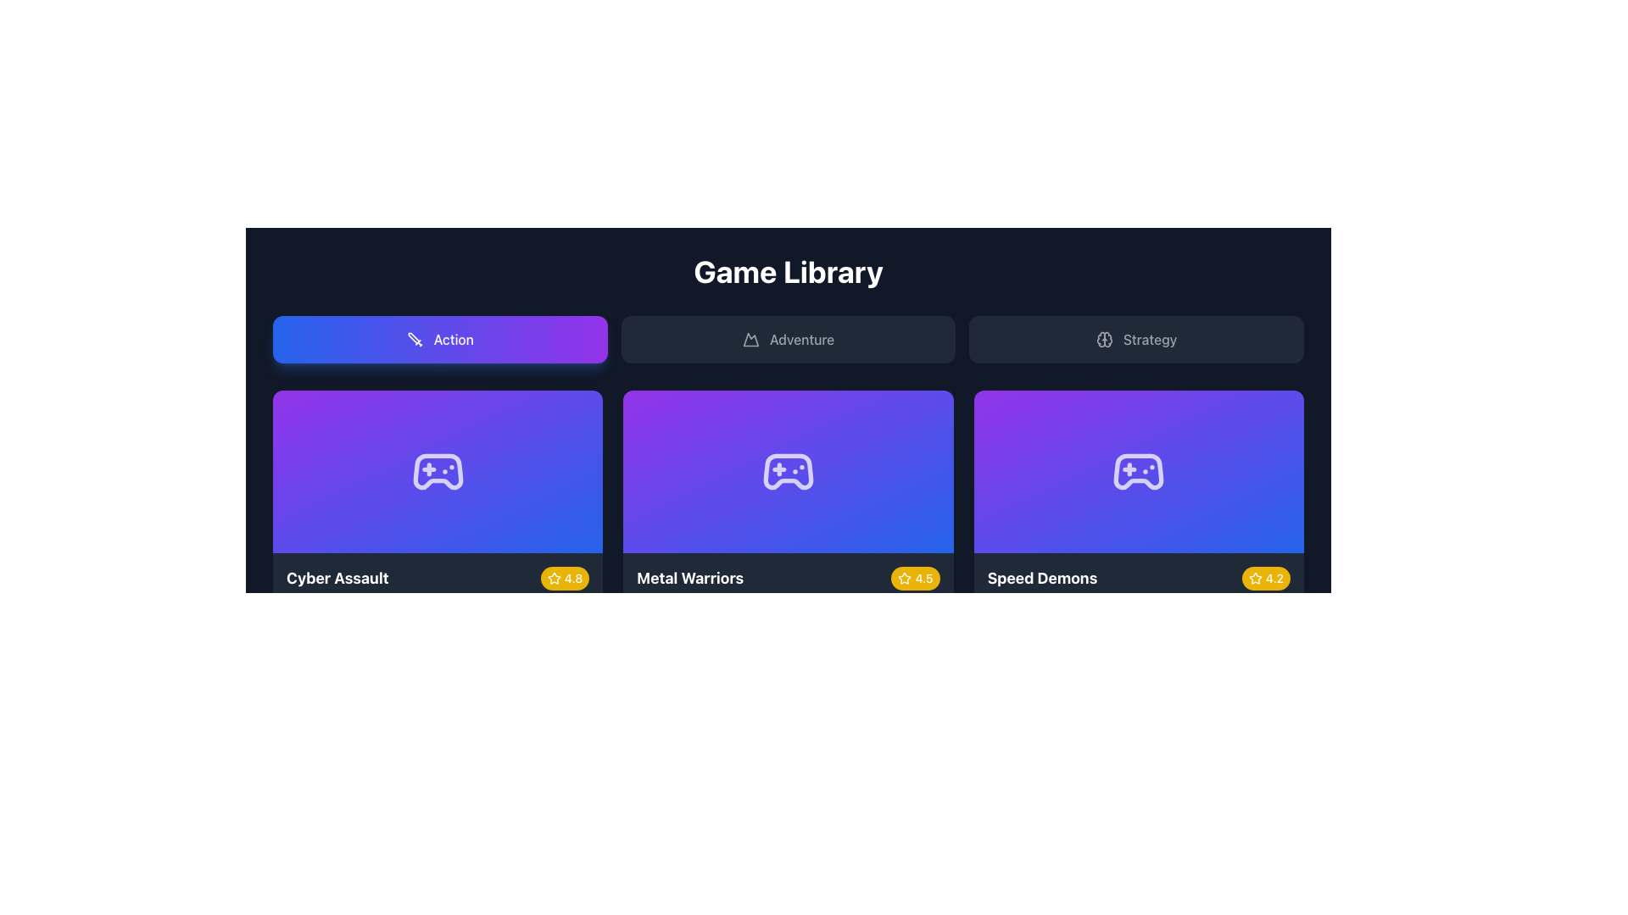  I want to click on the game controller icon located within the third game card on the right side of the grid, which features a D-pad and three circular buttons, positioned under the 'Speed Demons' label, so click(1139, 471).